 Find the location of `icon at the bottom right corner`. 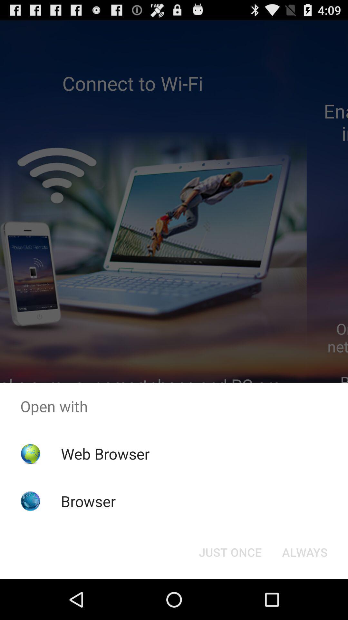

icon at the bottom right corner is located at coordinates (304, 552).